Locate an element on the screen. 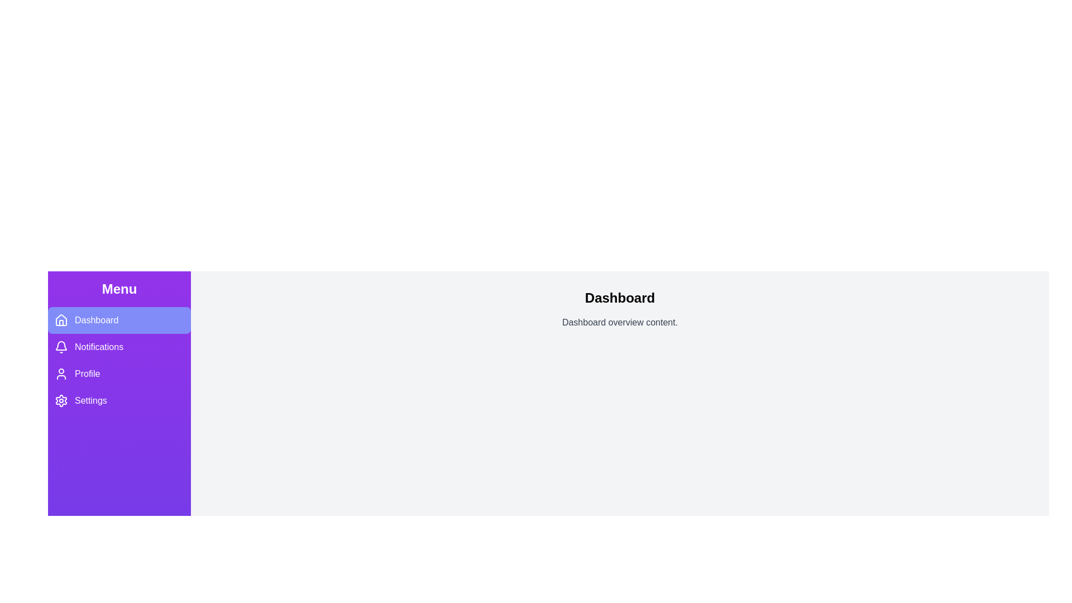  descriptive text block located under the 'Dashboard' title, which provides an overview of the dashboard's content and functionality is located at coordinates (619, 323).